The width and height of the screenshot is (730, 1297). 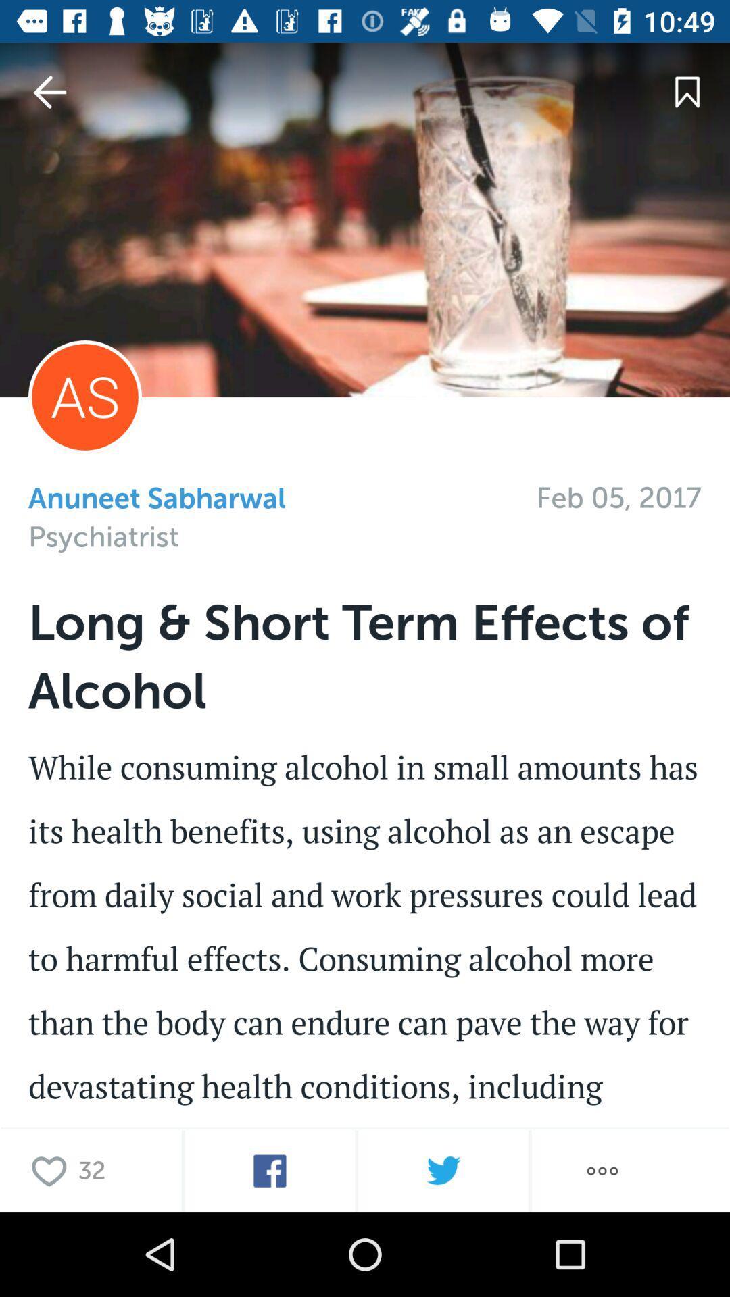 I want to click on the twitter icon, so click(x=443, y=1170).